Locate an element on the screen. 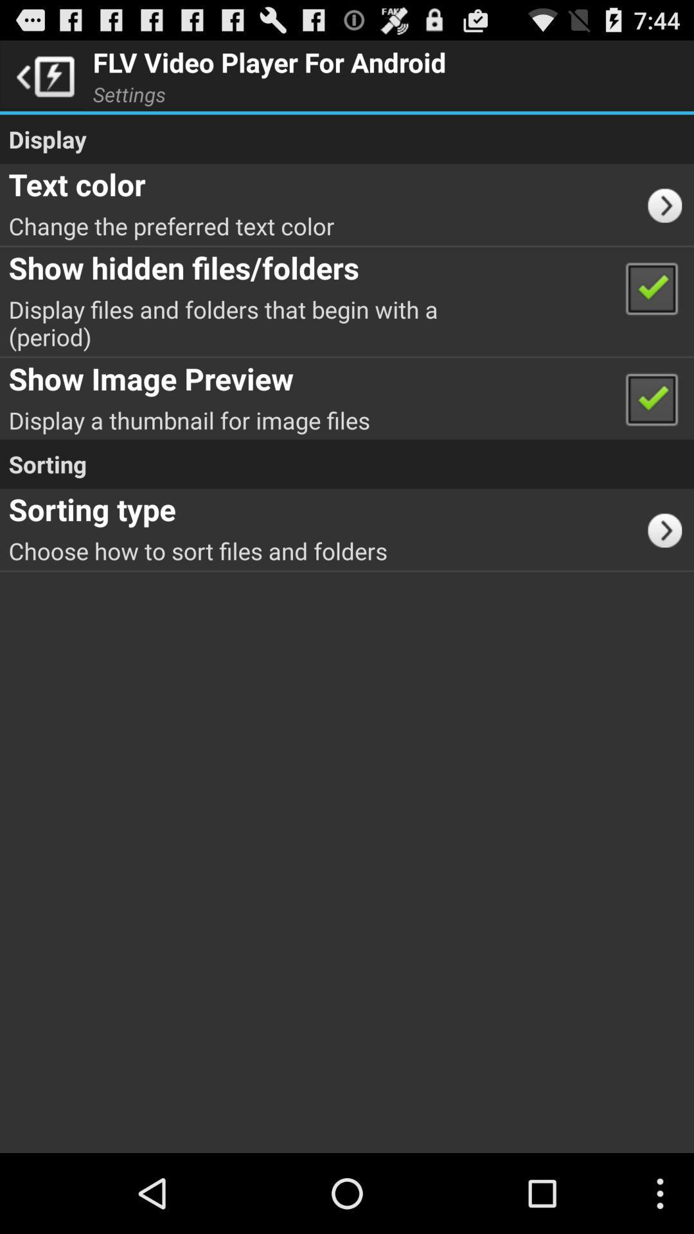 This screenshot has height=1234, width=694. item below the sorting is located at coordinates (669, 529).